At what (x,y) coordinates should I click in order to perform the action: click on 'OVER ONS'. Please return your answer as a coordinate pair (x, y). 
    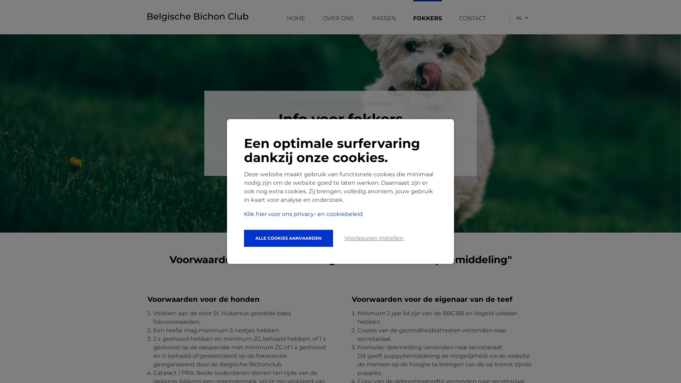
    Looking at the image, I should click on (338, 18).